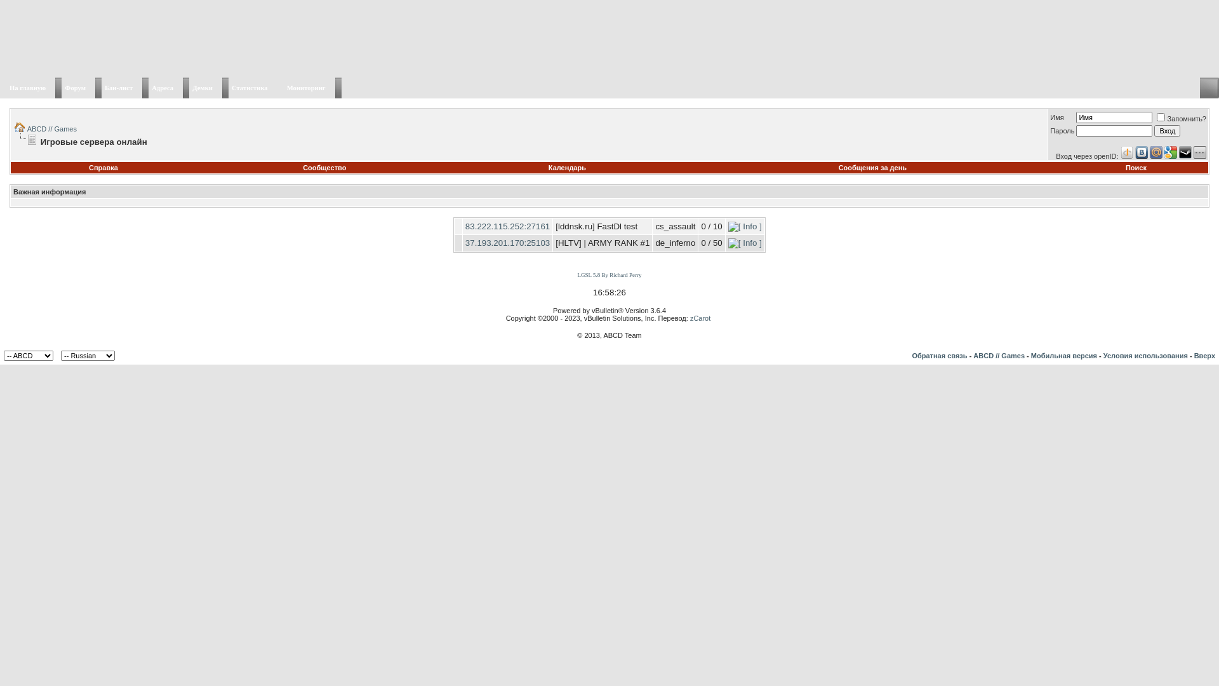  I want to click on 'LGSL 5.8 By Richard Perry', so click(609, 274).